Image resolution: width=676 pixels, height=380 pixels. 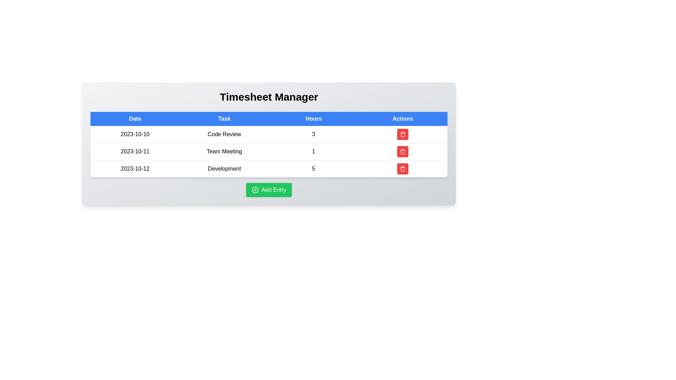 I want to click on the delete button located in the last row of the tabular section under the 'Actions' column to change its background color, so click(x=403, y=169).